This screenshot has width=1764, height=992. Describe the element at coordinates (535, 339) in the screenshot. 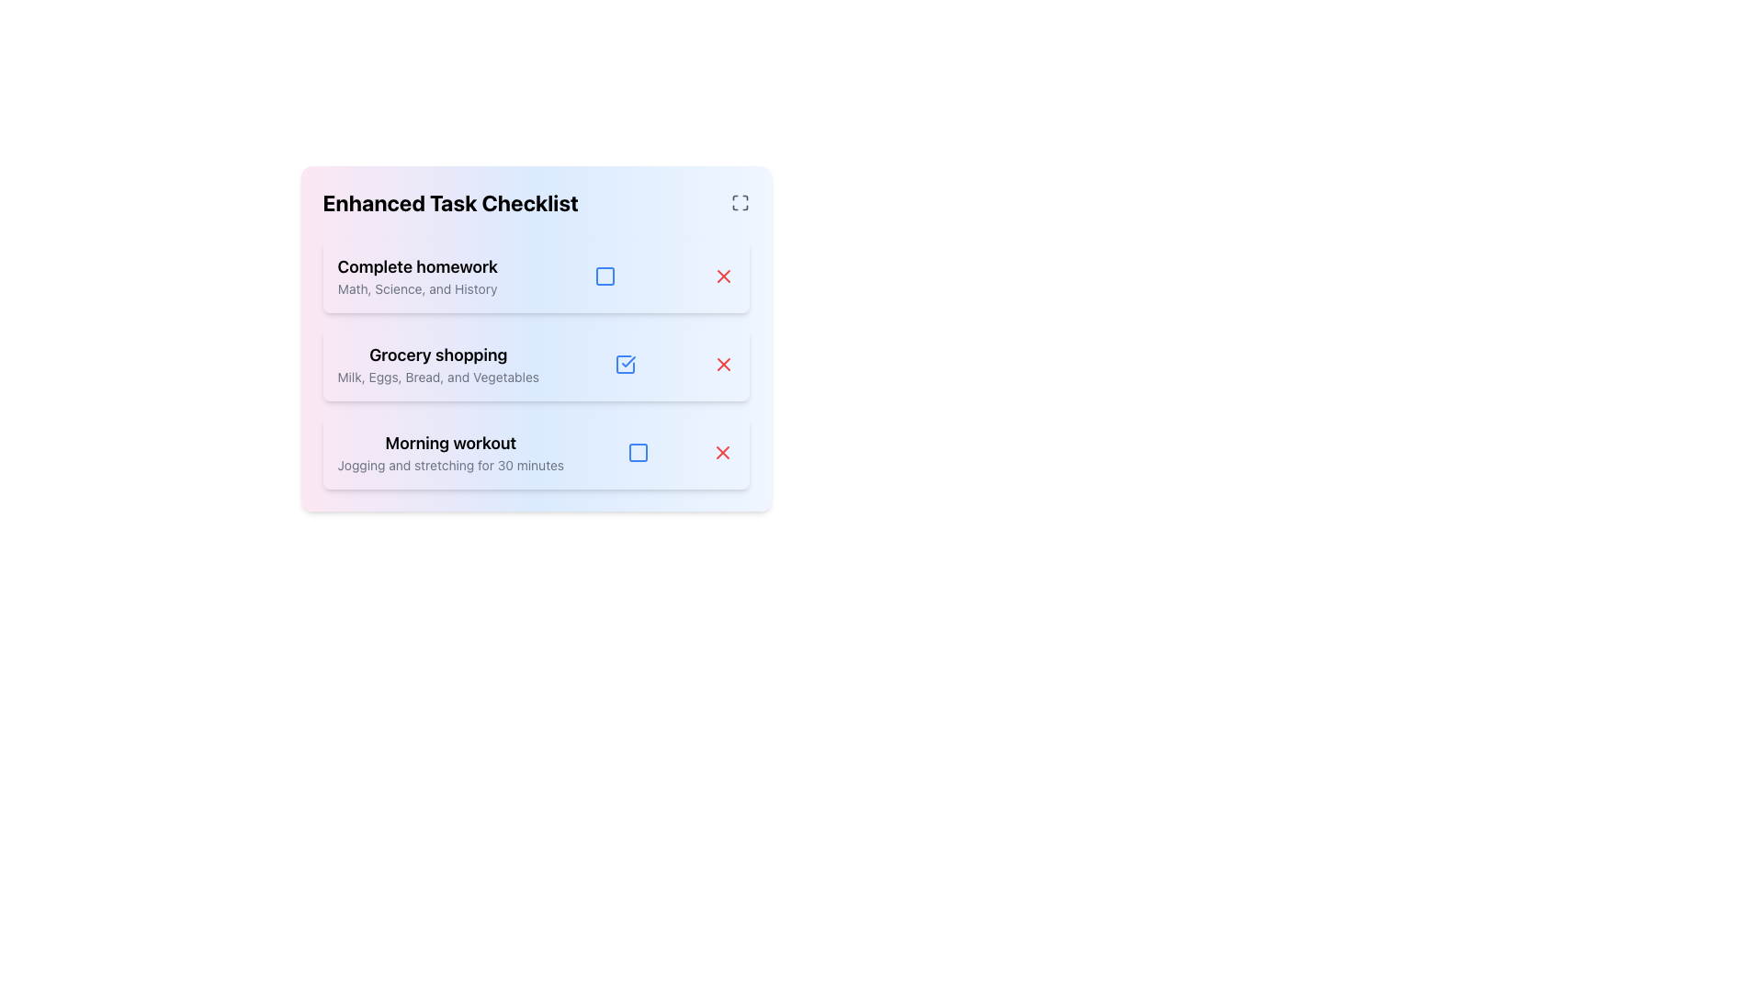

I see `the second checklist item` at that location.